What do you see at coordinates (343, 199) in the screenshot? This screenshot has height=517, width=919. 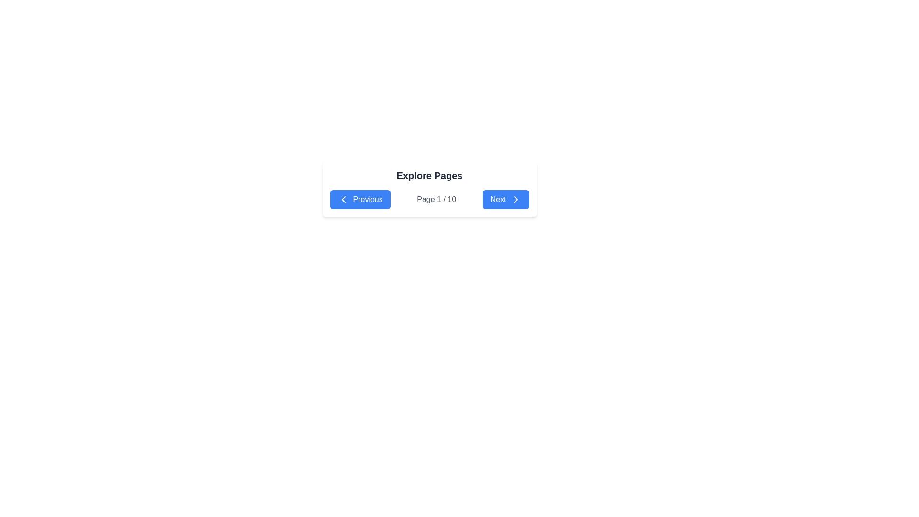 I see `leftward pointing chevron icon within the blue 'Previous' button on the navigation bar for debugging purposes` at bounding box center [343, 199].